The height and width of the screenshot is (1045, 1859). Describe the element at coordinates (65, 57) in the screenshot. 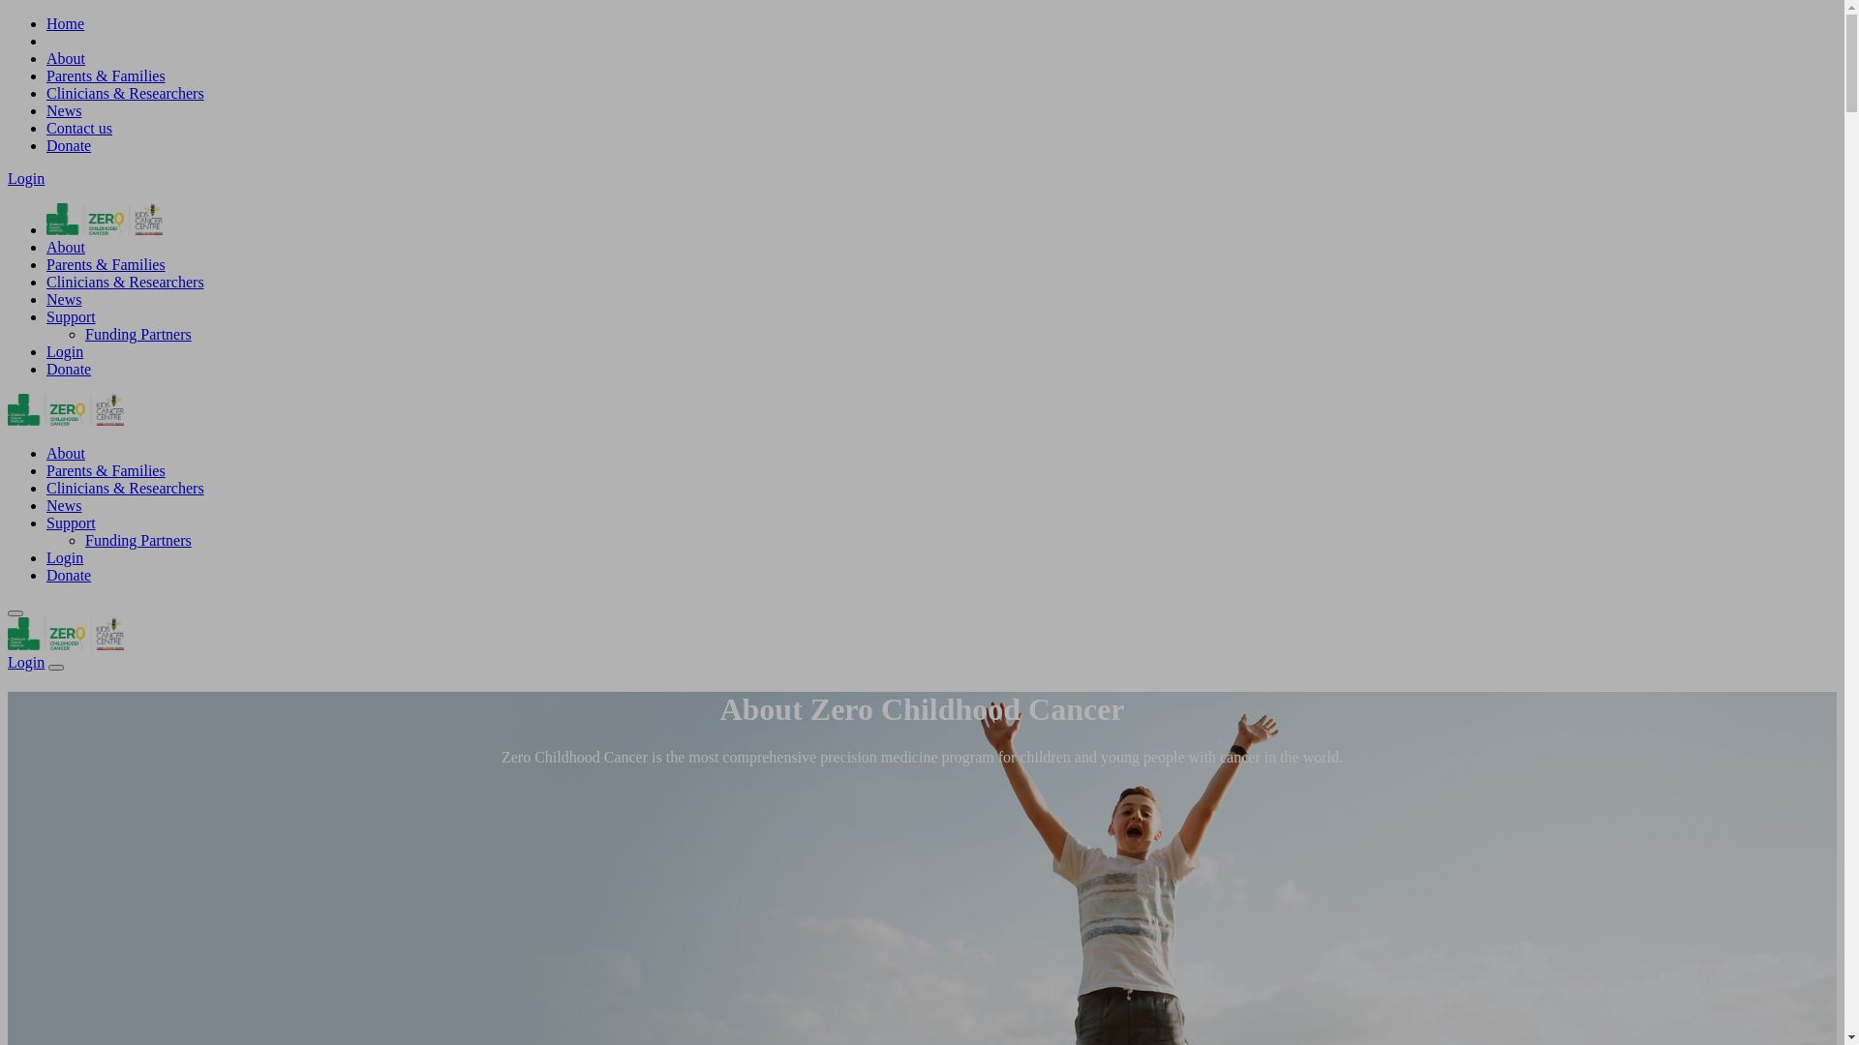

I see `'About'` at that location.